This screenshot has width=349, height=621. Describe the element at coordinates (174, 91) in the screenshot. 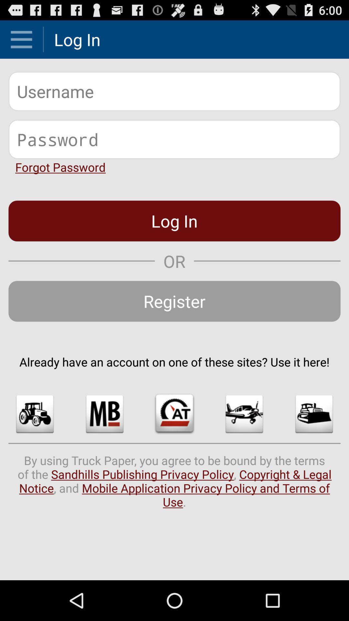

I see `username` at that location.